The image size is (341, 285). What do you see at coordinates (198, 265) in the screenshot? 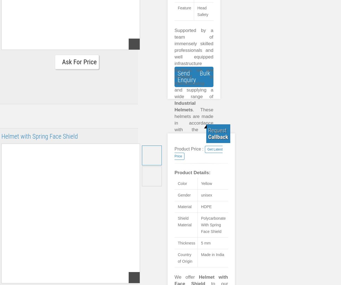
I see `'Durable finish standards'` at bounding box center [198, 265].